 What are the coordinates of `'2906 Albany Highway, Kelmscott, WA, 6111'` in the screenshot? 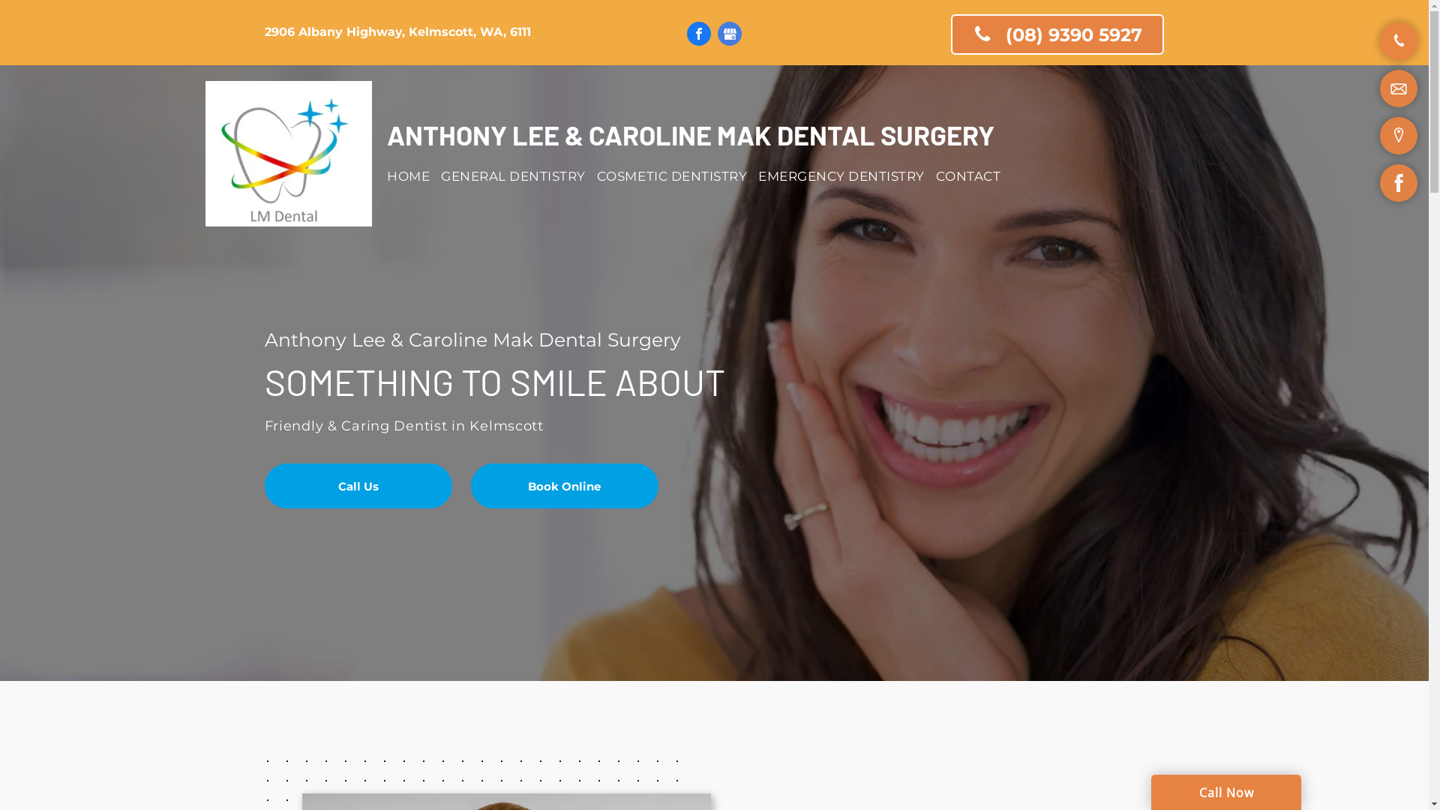 It's located at (397, 31).